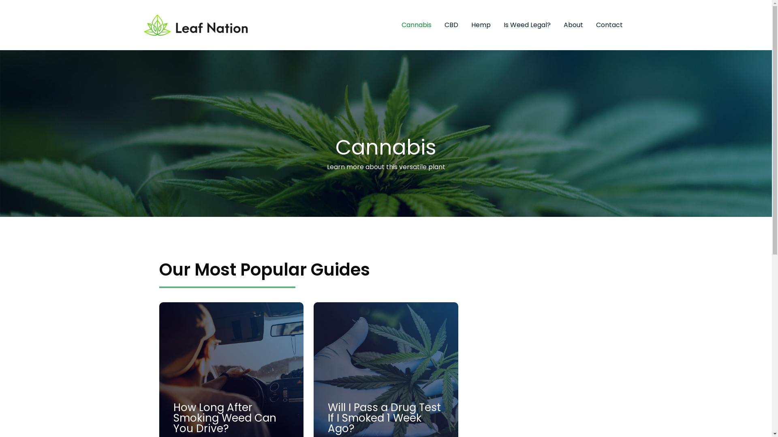 This screenshot has height=437, width=778. What do you see at coordinates (225, 418) in the screenshot?
I see `'How Long After Smoking Weed Can You Drive?'` at bounding box center [225, 418].